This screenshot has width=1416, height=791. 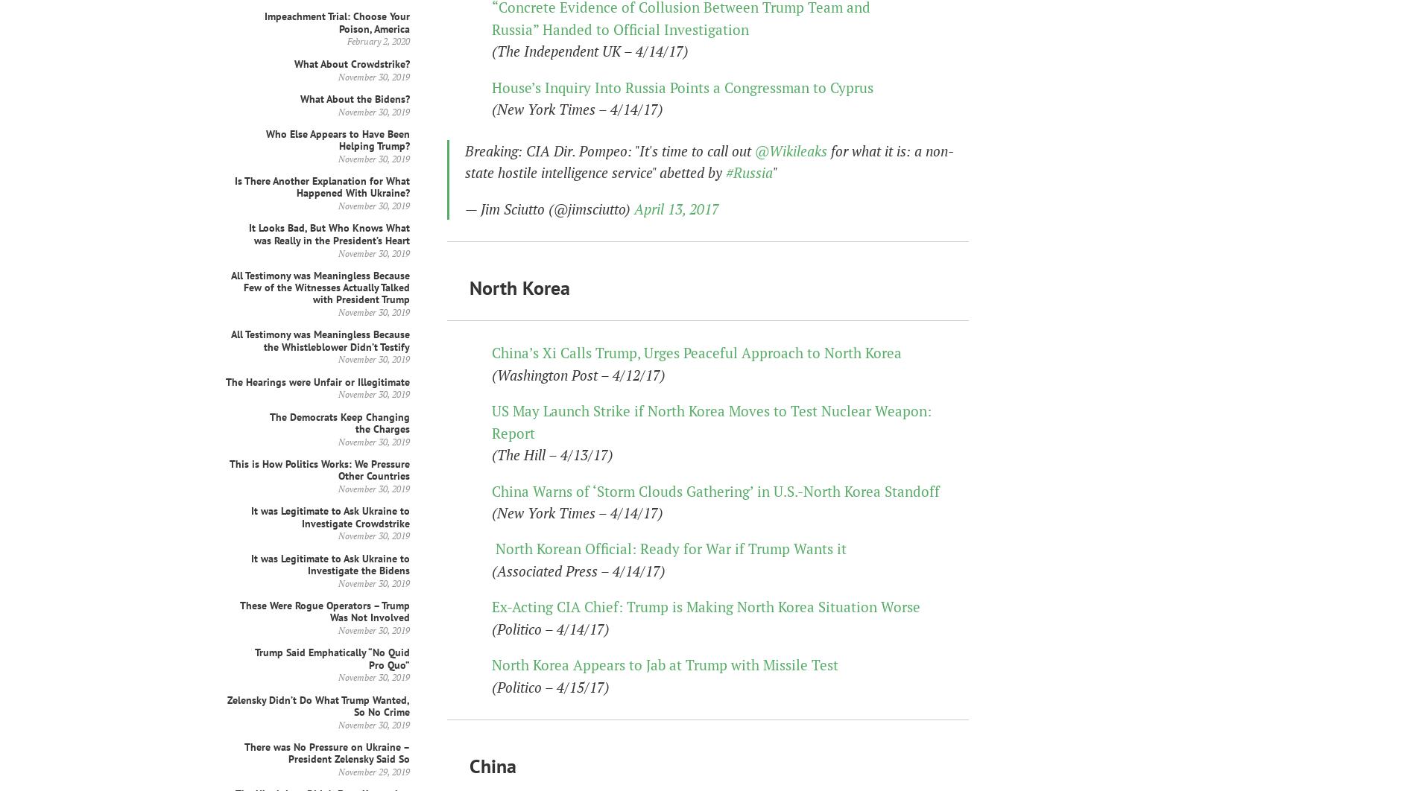 I want to click on '(Associated Press – 4/14/17)', so click(x=578, y=570).